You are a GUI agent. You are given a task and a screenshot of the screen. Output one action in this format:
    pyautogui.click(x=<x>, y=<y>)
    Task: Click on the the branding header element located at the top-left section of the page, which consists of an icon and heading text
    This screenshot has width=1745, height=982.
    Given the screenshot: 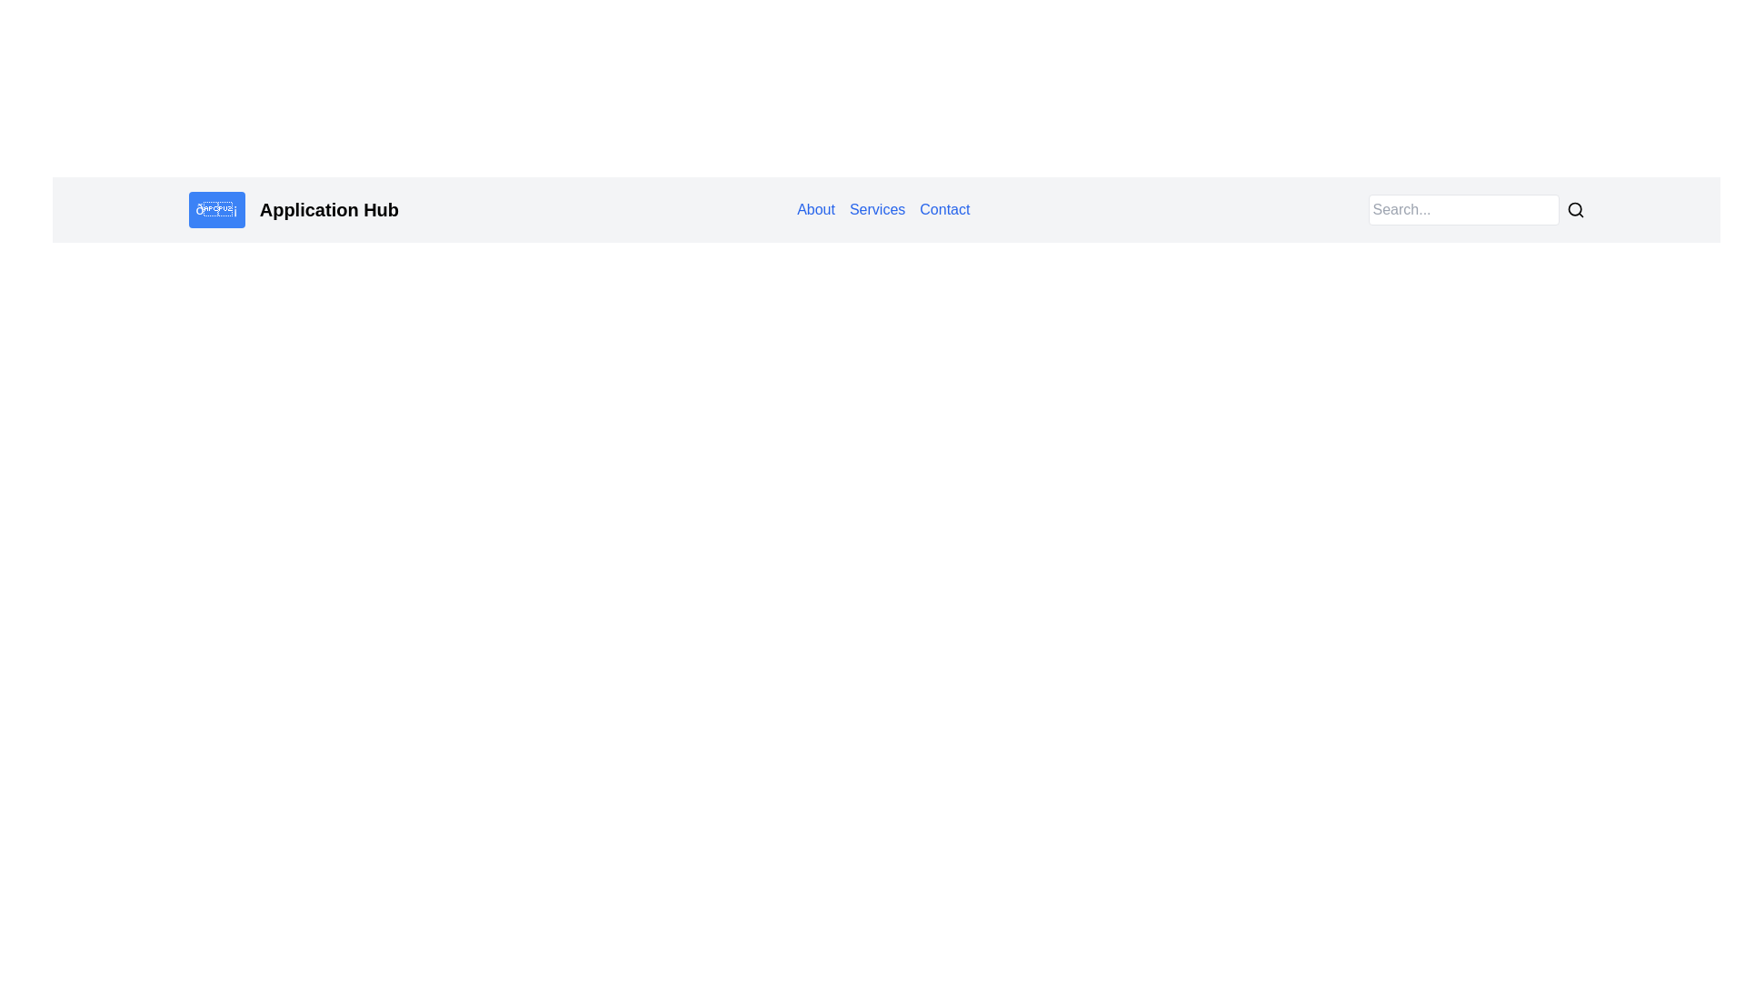 What is the action you would take?
    pyautogui.click(x=294, y=209)
    